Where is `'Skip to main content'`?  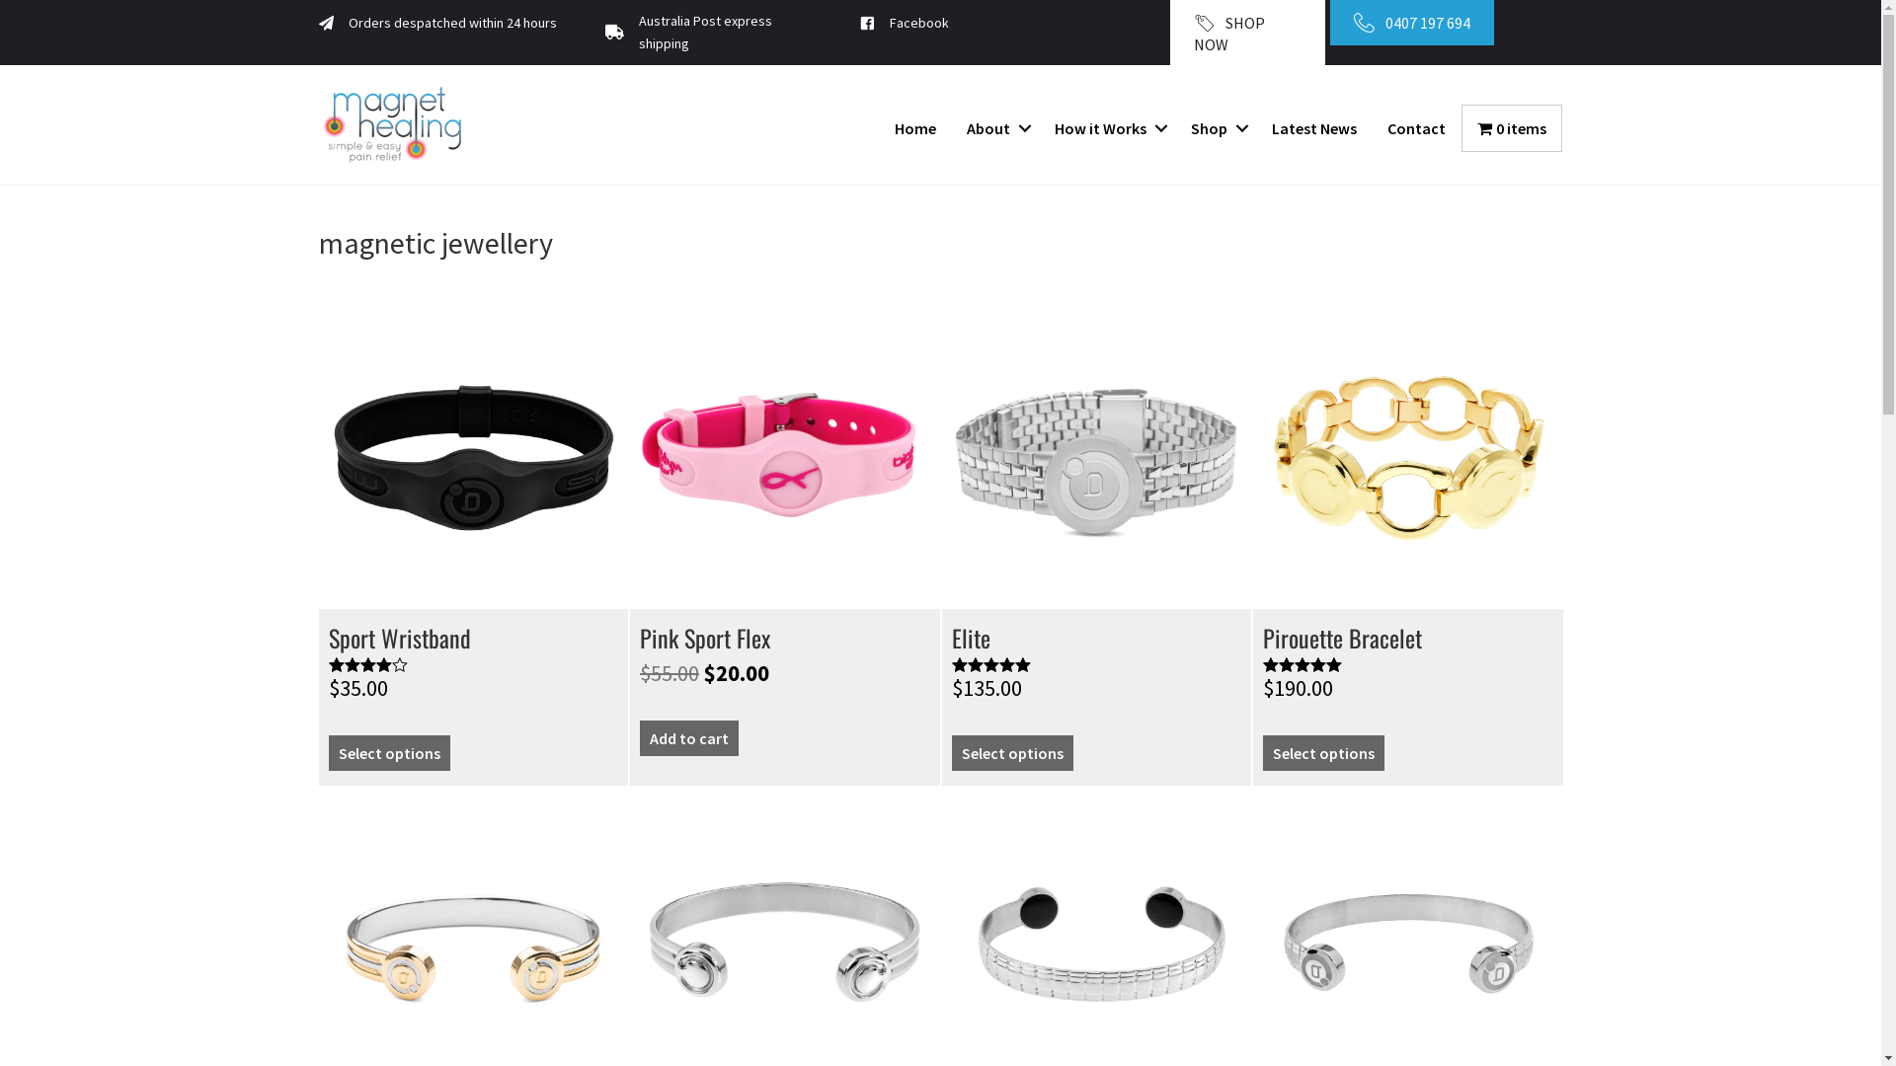 'Skip to main content' is located at coordinates (0, 0).